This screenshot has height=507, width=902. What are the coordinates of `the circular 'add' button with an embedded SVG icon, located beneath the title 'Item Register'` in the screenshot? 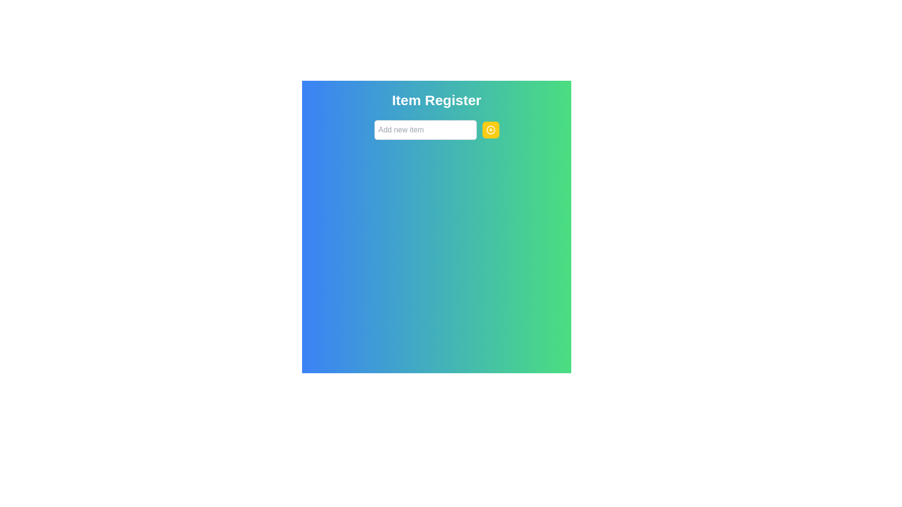 It's located at (490, 130).